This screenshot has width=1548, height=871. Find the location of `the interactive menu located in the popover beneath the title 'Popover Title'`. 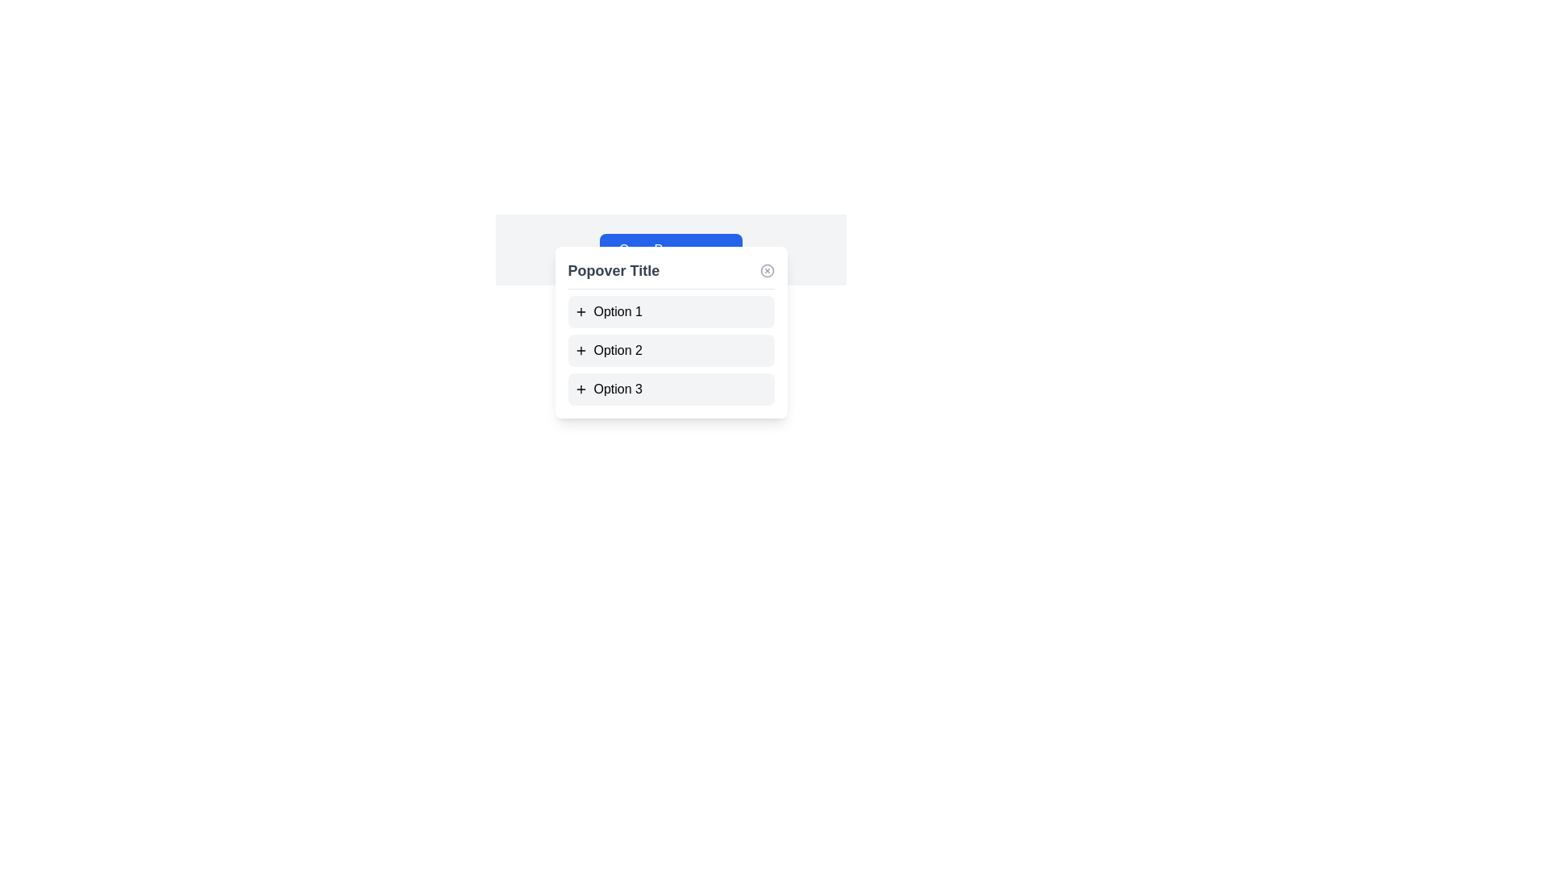

the interactive menu located in the popover beneath the title 'Popover Title' is located at coordinates (671, 331).